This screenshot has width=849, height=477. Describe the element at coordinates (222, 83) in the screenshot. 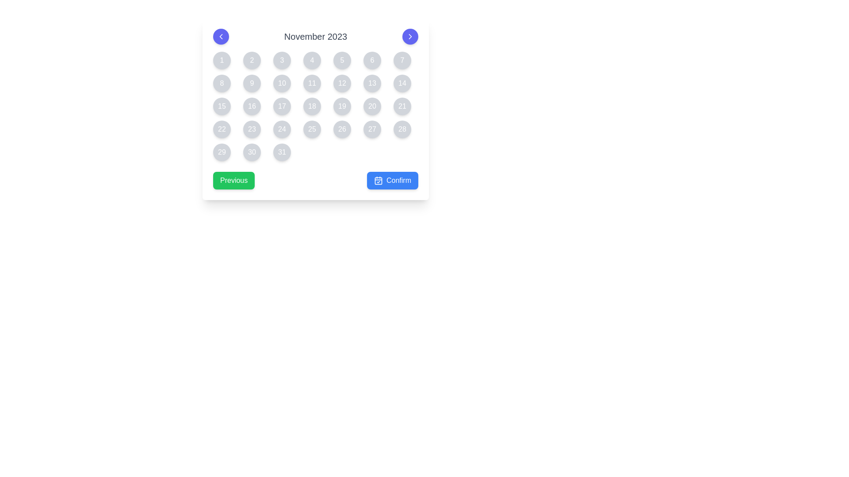

I see `the '8' date button in the calendar interface` at that location.